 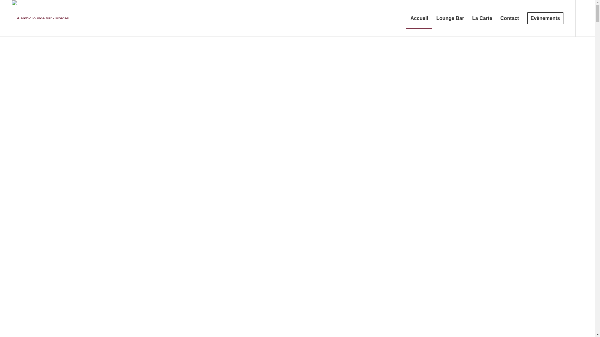 I want to click on 'La Carte', so click(x=482, y=18).